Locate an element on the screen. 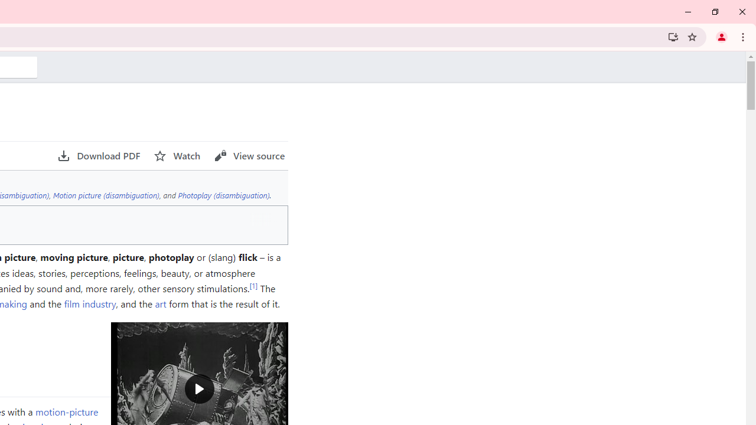 The height and width of the screenshot is (425, 756). 'AutomationID: minerva-download' is located at coordinates (99, 155).